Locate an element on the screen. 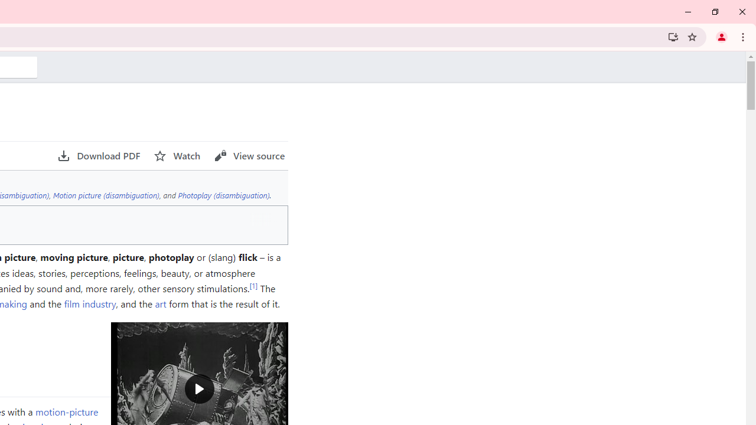 The height and width of the screenshot is (425, 756). 'AutomationID: minerva-download' is located at coordinates (99, 155).